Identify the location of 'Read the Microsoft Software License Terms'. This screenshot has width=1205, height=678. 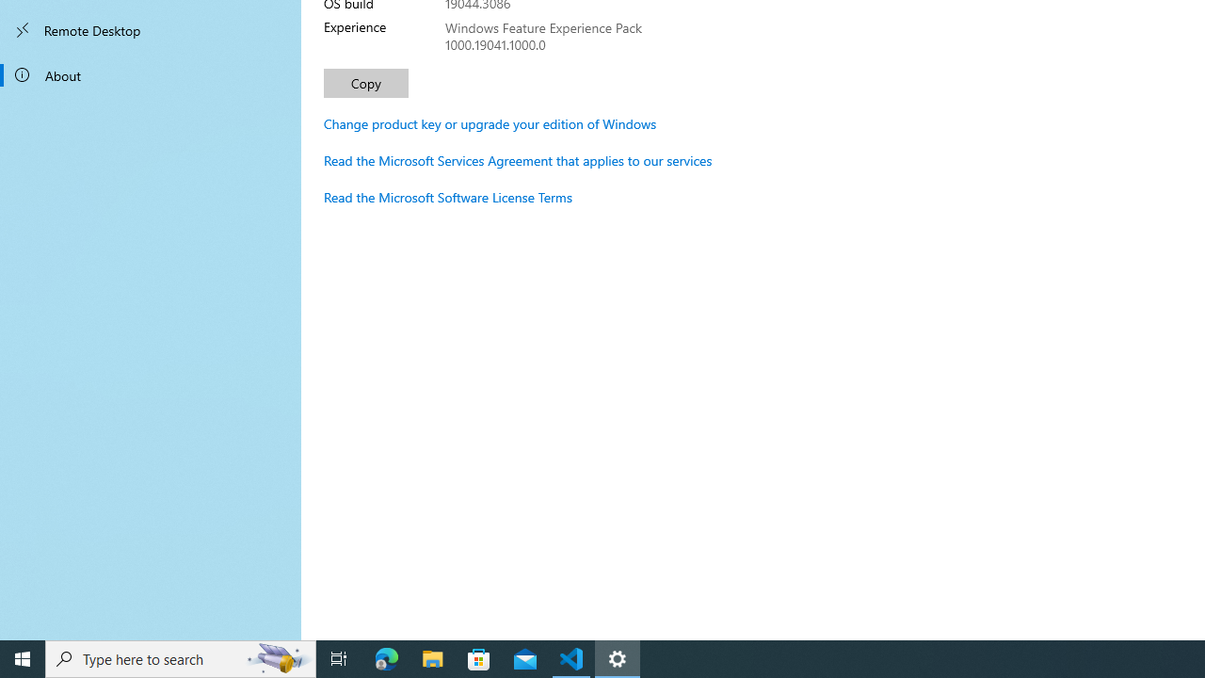
(447, 197).